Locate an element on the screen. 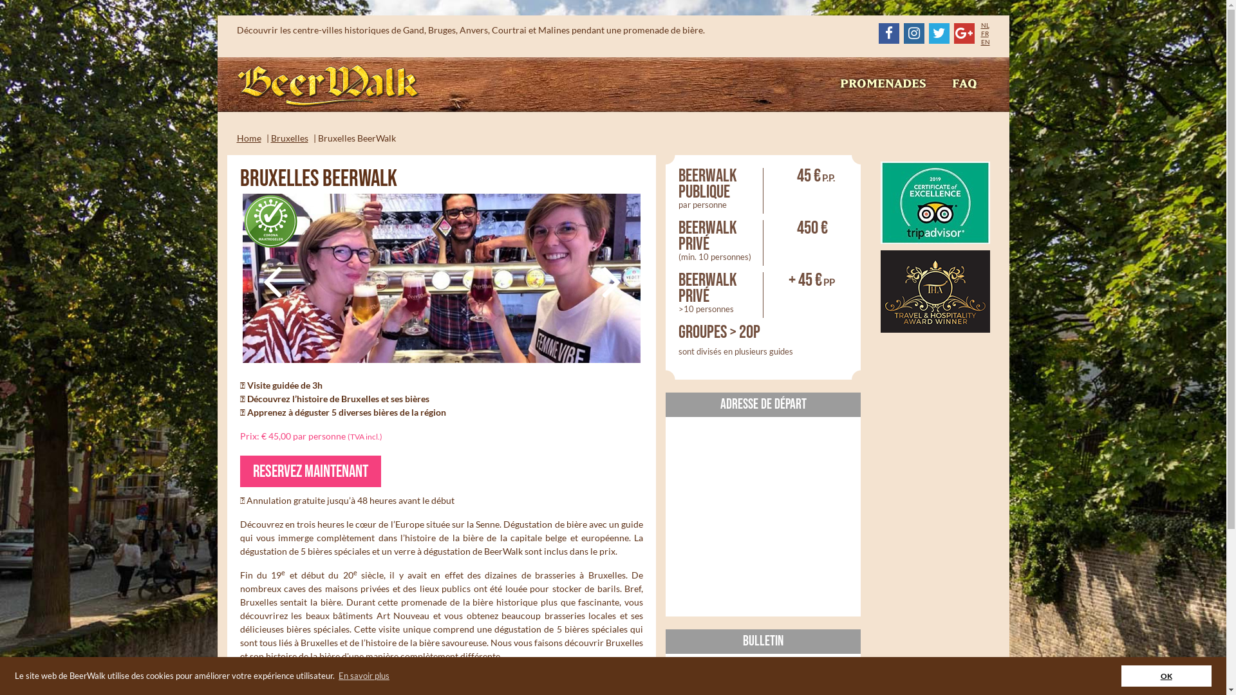 The image size is (1236, 695). 'NL' is located at coordinates (984, 24).